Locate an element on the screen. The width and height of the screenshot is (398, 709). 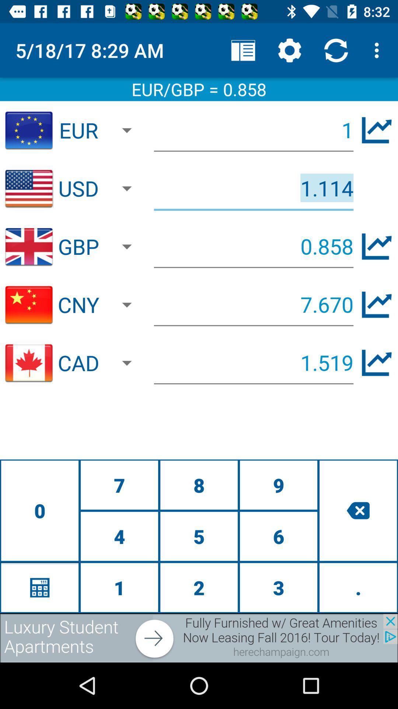
backspace option is located at coordinates (358, 510).